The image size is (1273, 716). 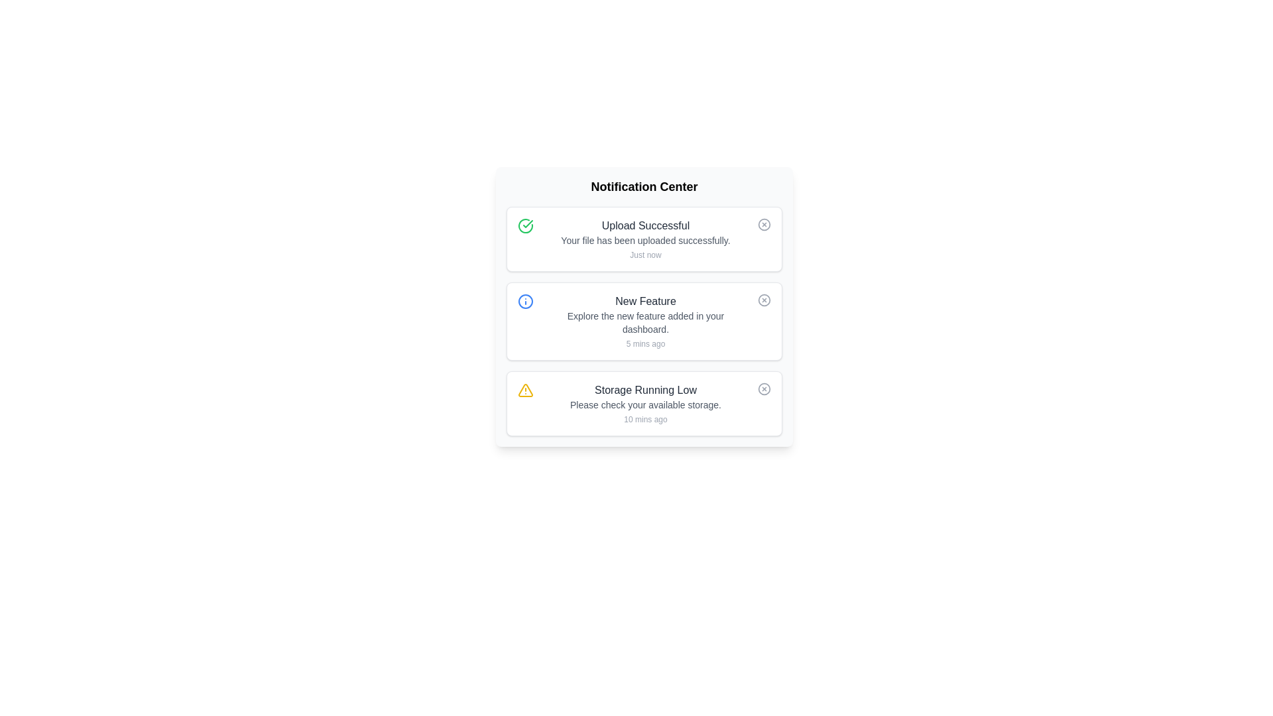 I want to click on the circular graphical element located in the bottom-right notification card of the 'Notification Center' panel, which enhances the visual clarity of notifications, so click(x=764, y=388).